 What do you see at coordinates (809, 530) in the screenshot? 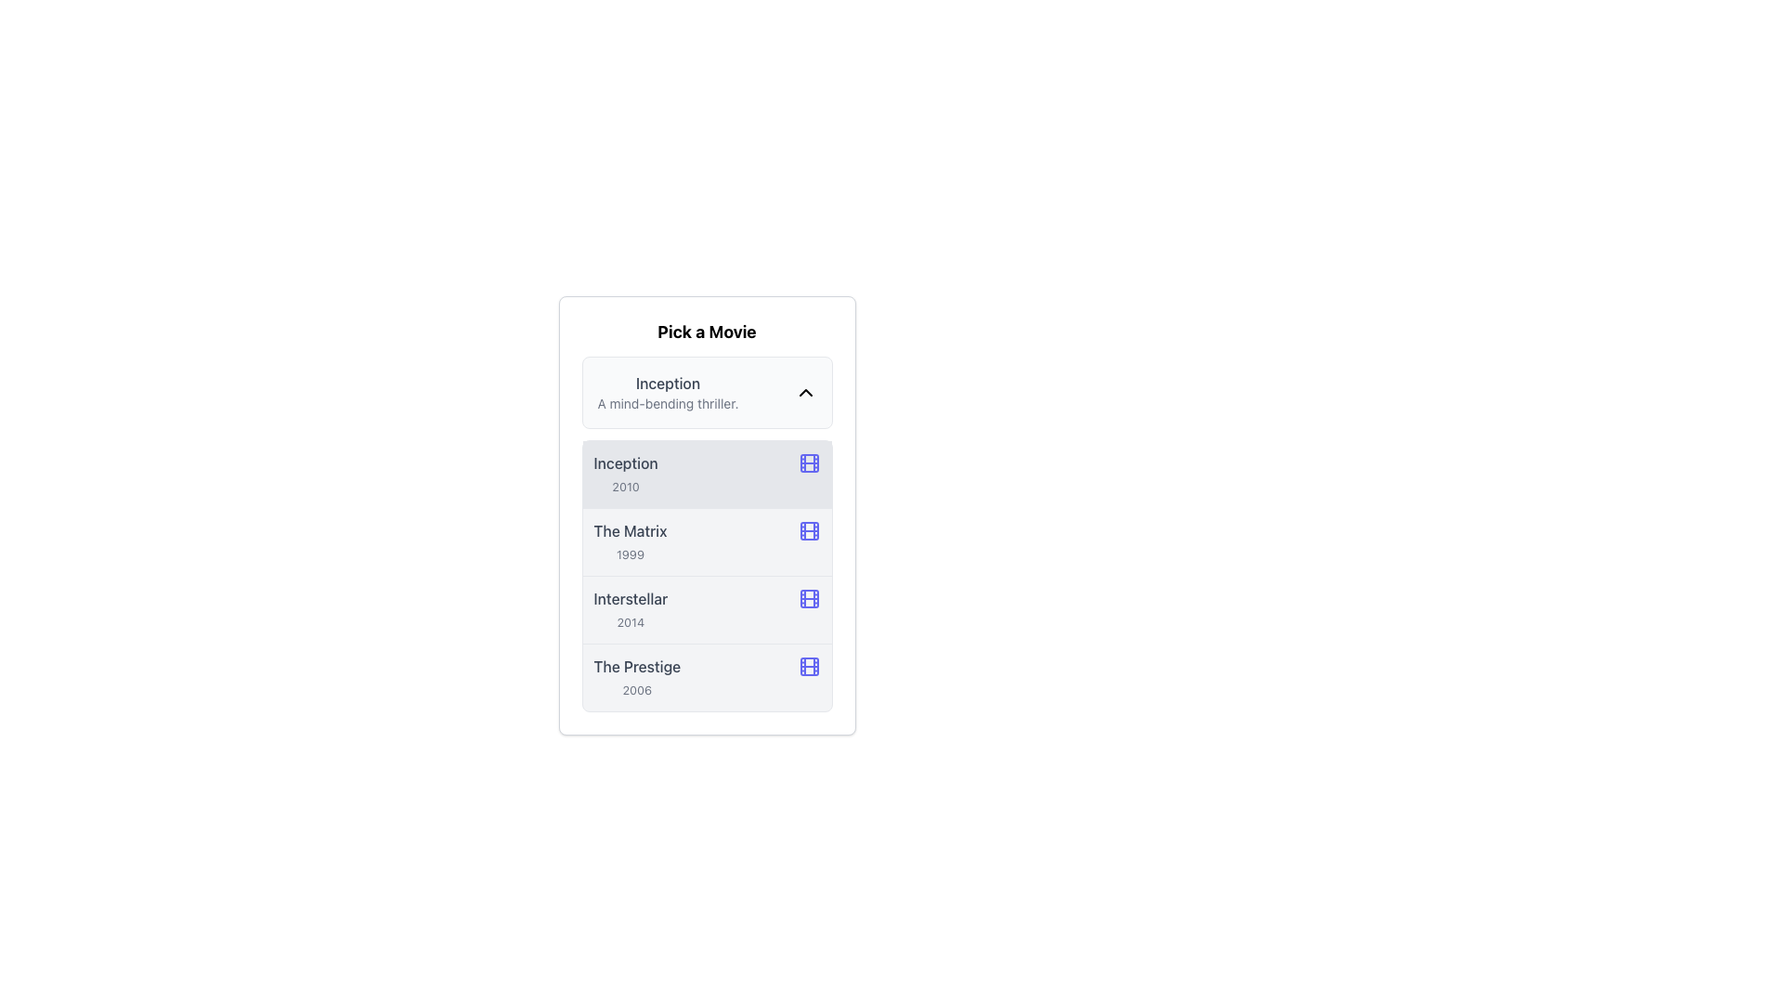
I see `the icon representing the movie 'The Matrix 1999', which is located on the far right of the row adjacent to the title and year text` at bounding box center [809, 530].